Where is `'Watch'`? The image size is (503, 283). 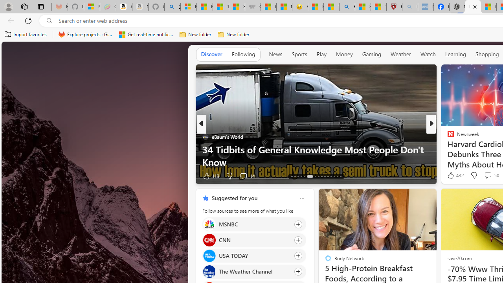
'Watch' is located at coordinates (428, 54).